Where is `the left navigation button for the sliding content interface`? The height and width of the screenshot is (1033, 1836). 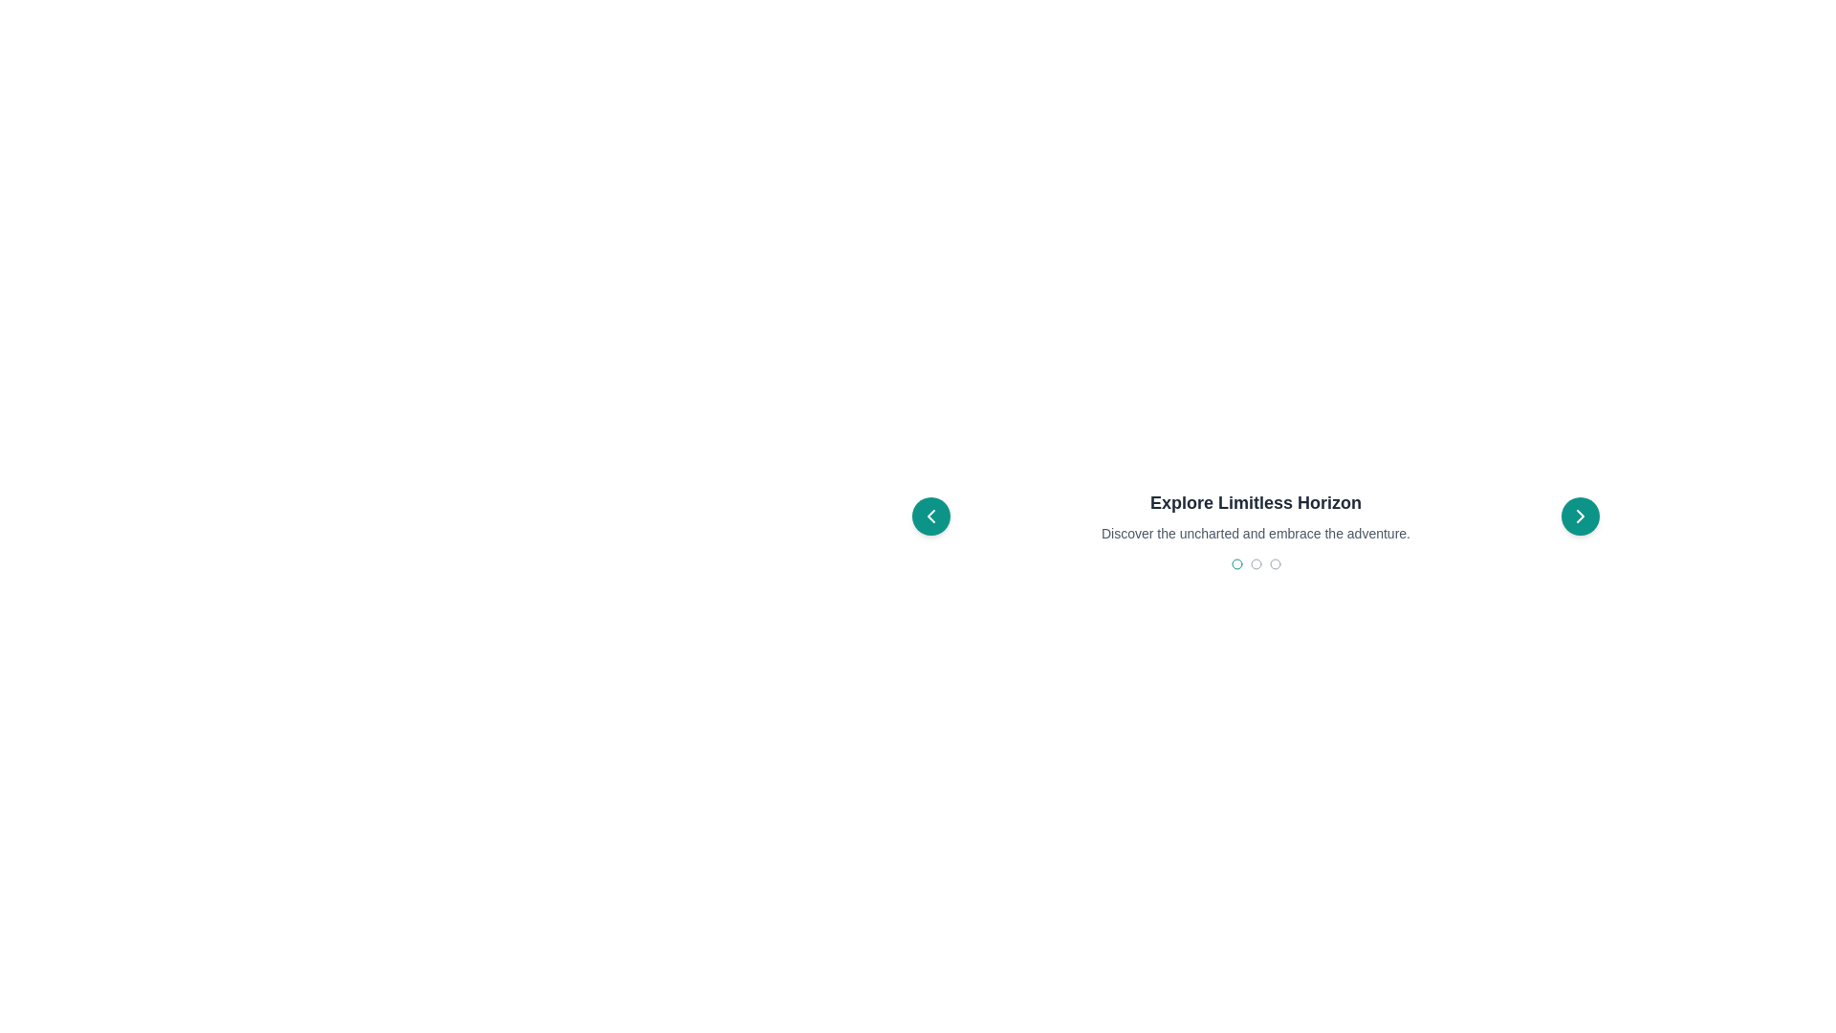 the left navigation button for the sliding content interface is located at coordinates (930, 516).